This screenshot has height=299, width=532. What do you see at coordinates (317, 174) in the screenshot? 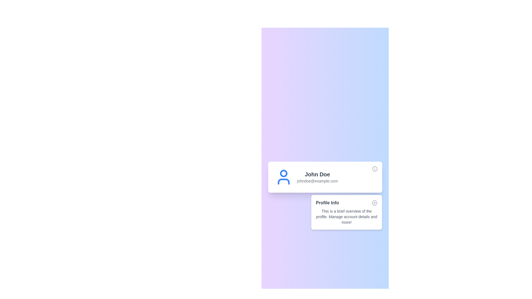
I see `the static text element displaying the name 'John Doe' in bold dark gray font, which is positioned above its sibling email element` at bounding box center [317, 174].